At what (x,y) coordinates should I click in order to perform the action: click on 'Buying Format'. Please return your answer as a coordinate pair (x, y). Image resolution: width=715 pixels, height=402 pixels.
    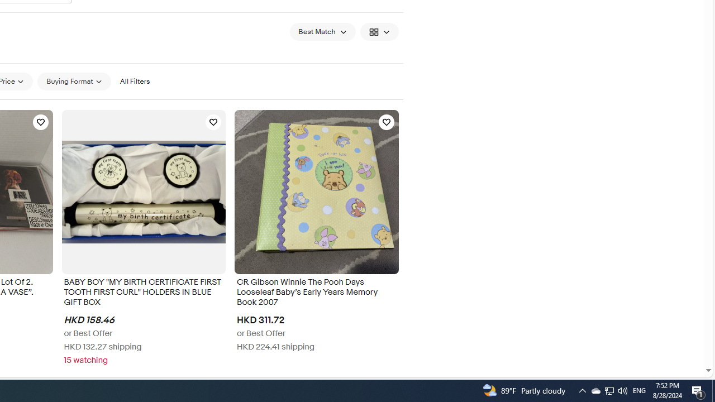
    Looking at the image, I should click on (73, 81).